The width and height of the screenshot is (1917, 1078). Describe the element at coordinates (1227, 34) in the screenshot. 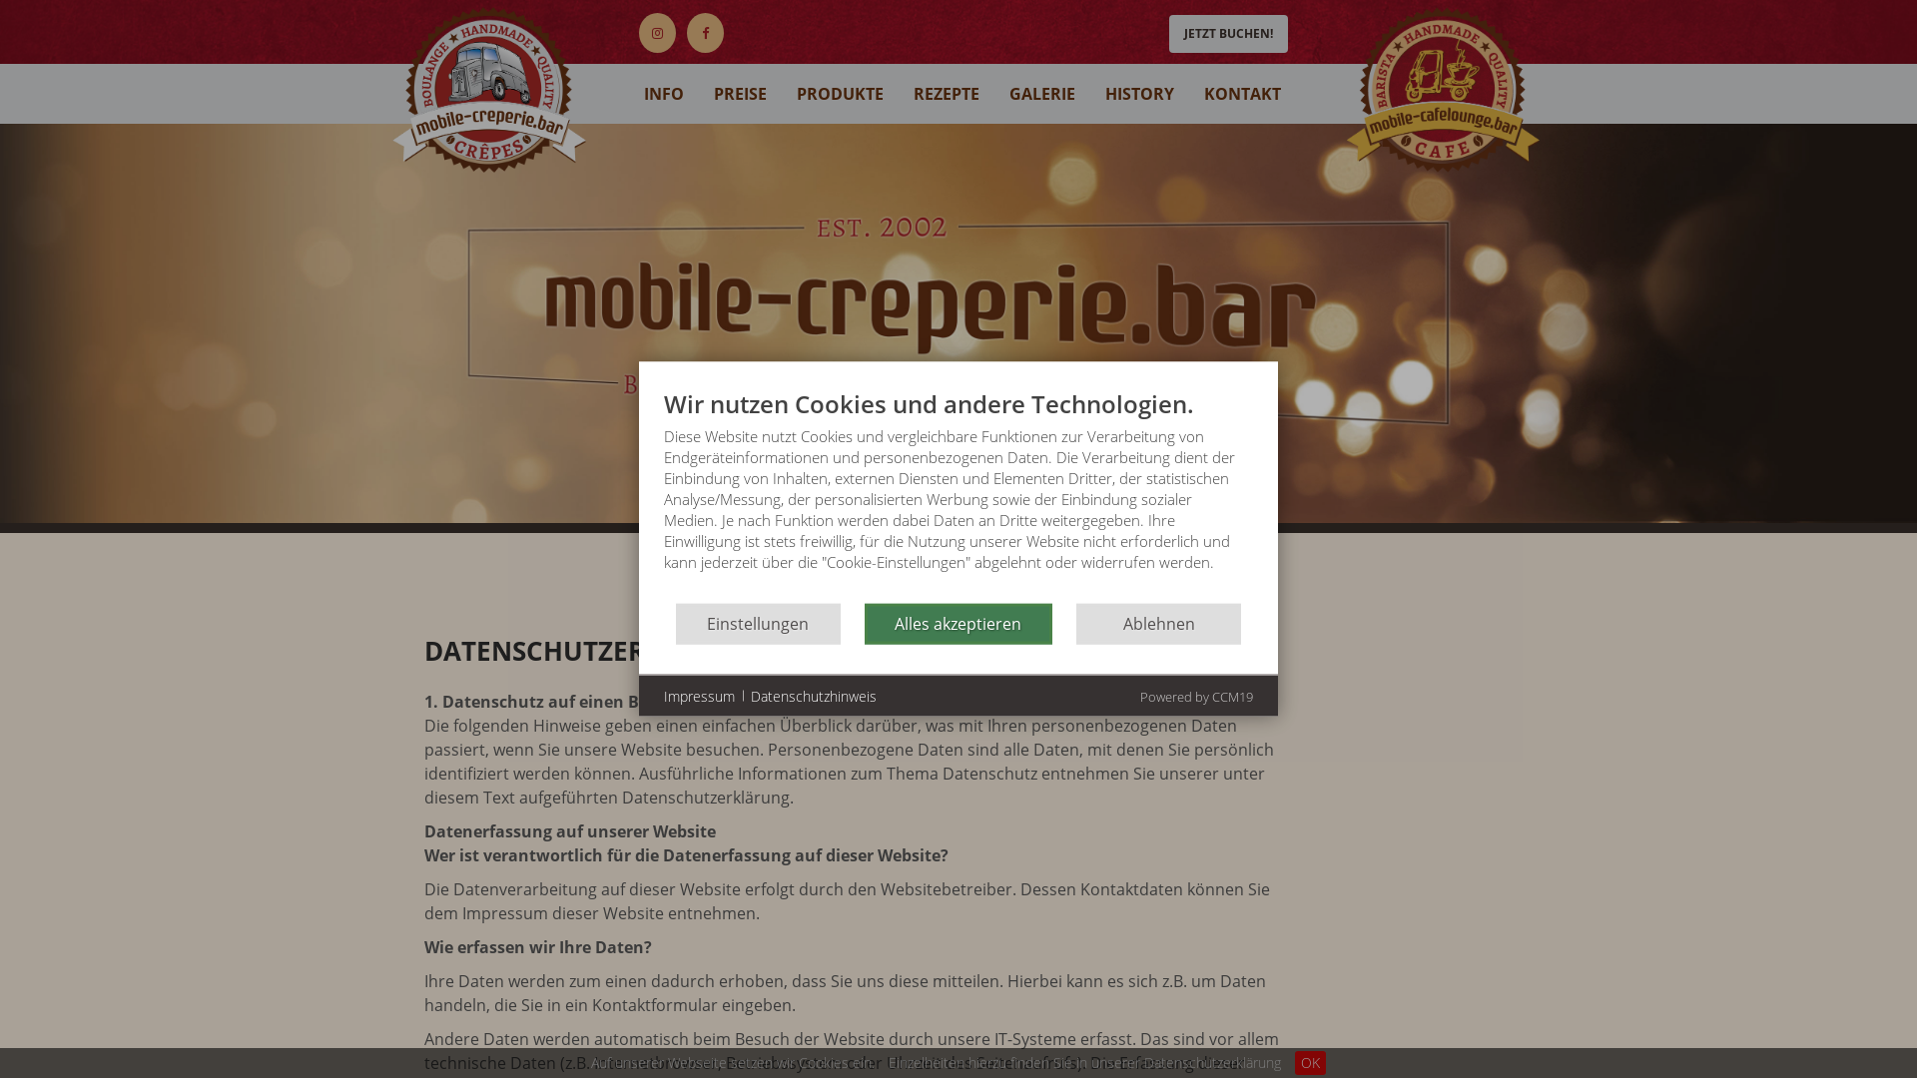

I see `'JETZT BUCHEN!'` at that location.